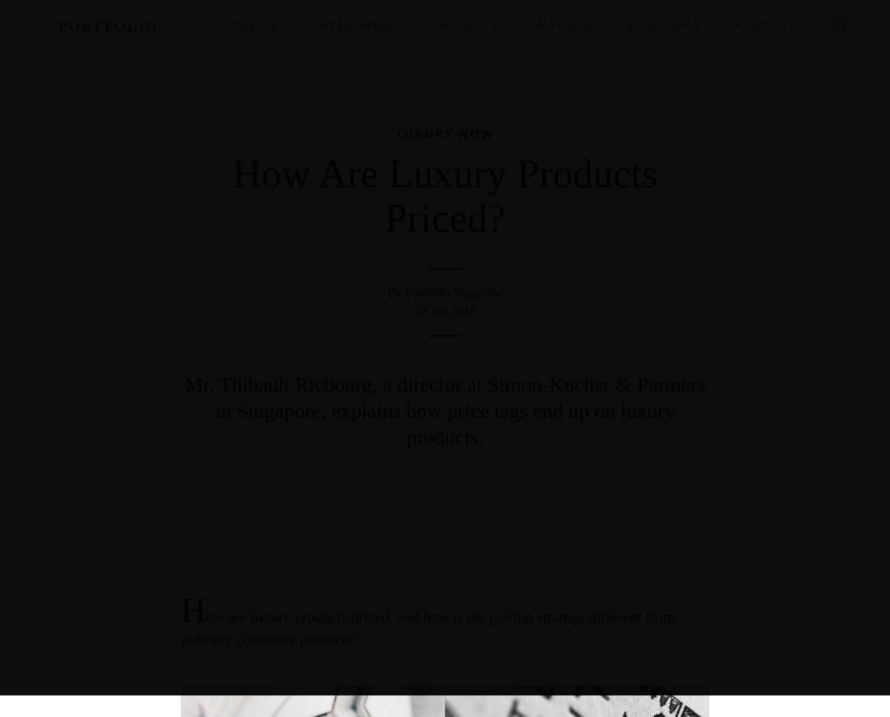 The image size is (890, 717). I want to click on 'How Are Luxury Products Priced?', so click(444, 195).